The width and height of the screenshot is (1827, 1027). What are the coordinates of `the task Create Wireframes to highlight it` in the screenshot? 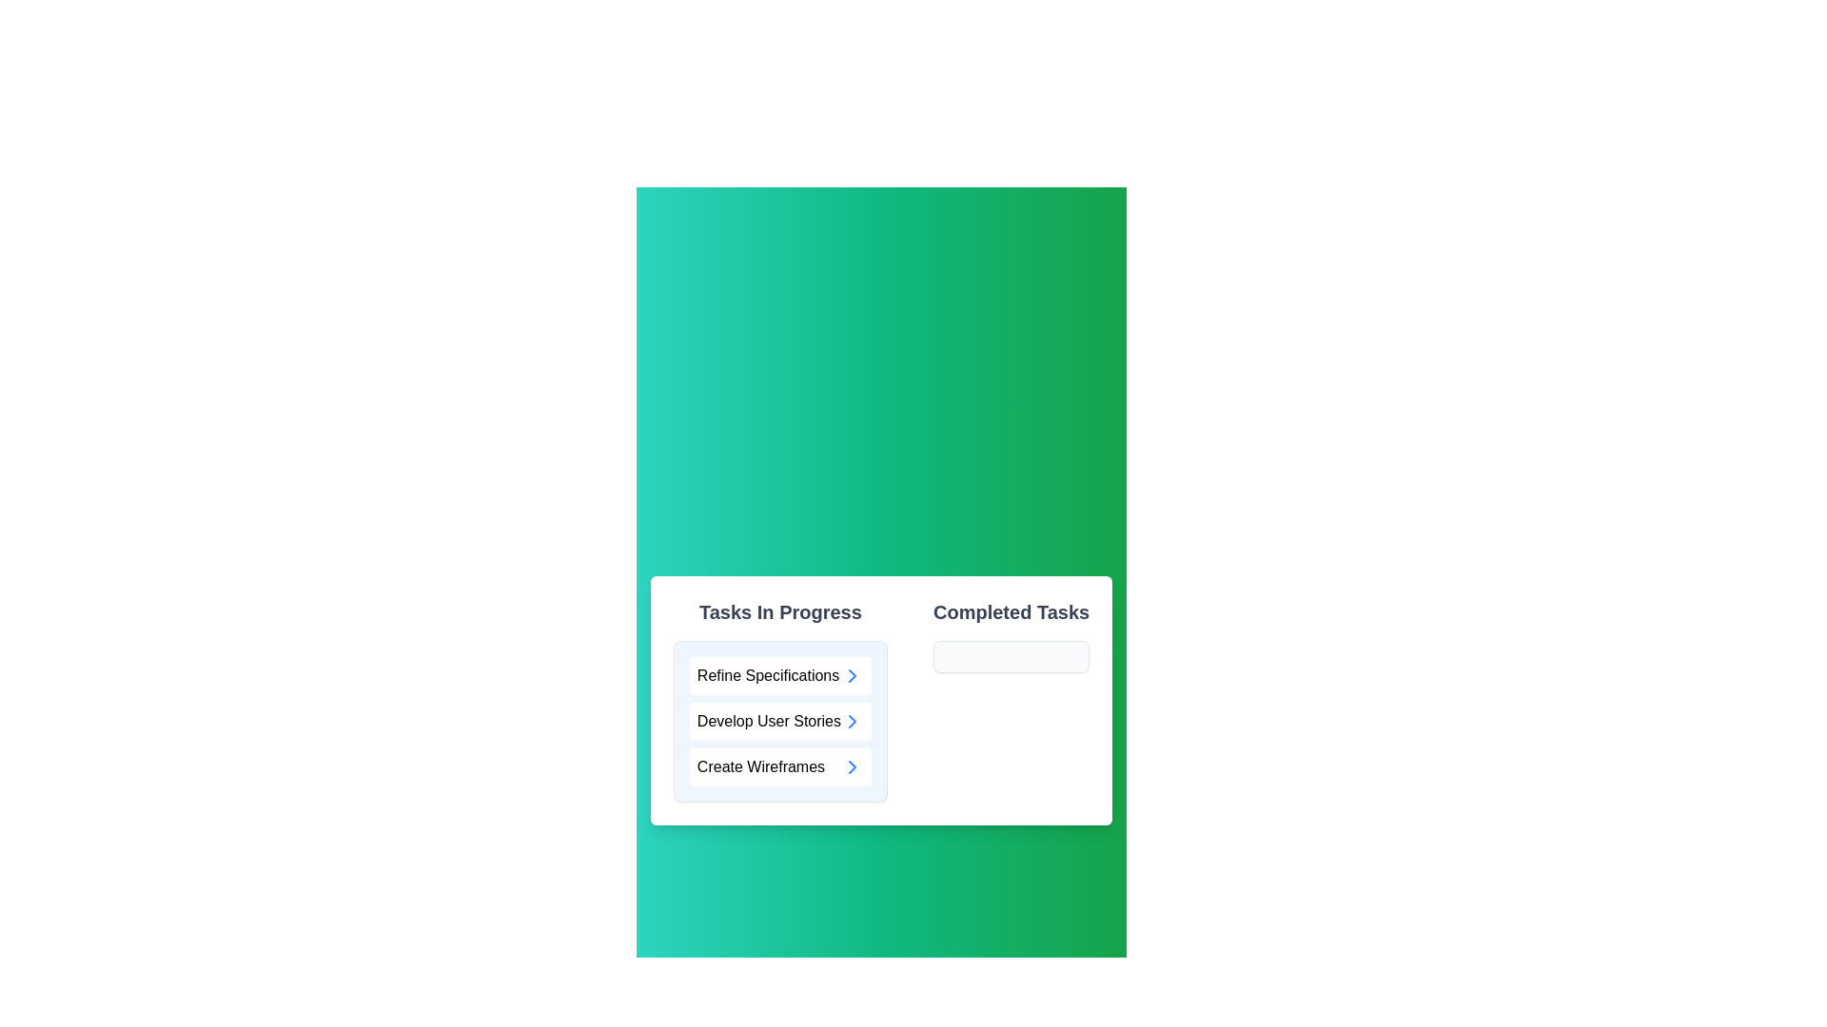 It's located at (780, 765).